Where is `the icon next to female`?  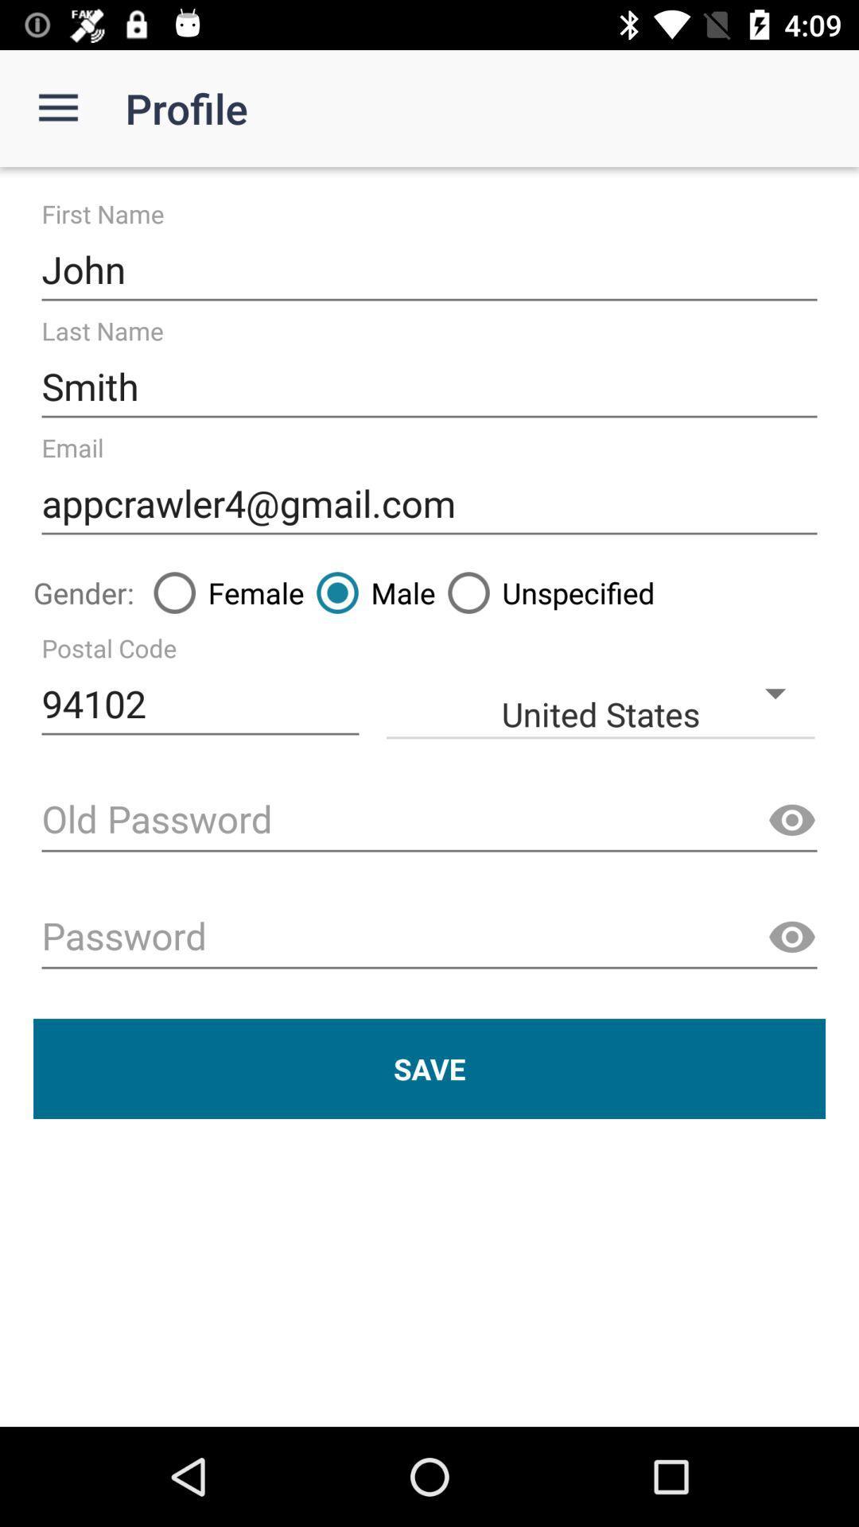
the icon next to female is located at coordinates (370, 592).